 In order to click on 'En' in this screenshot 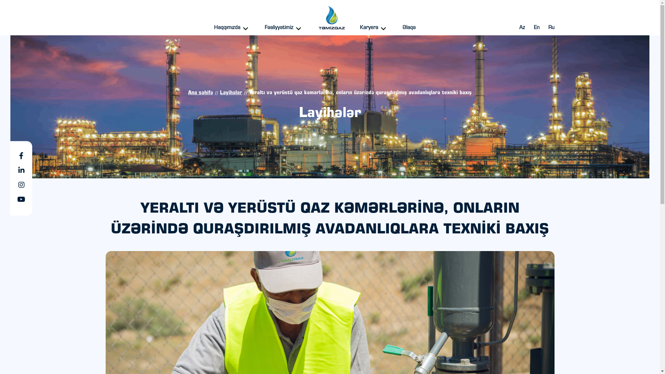, I will do `click(536, 28)`.